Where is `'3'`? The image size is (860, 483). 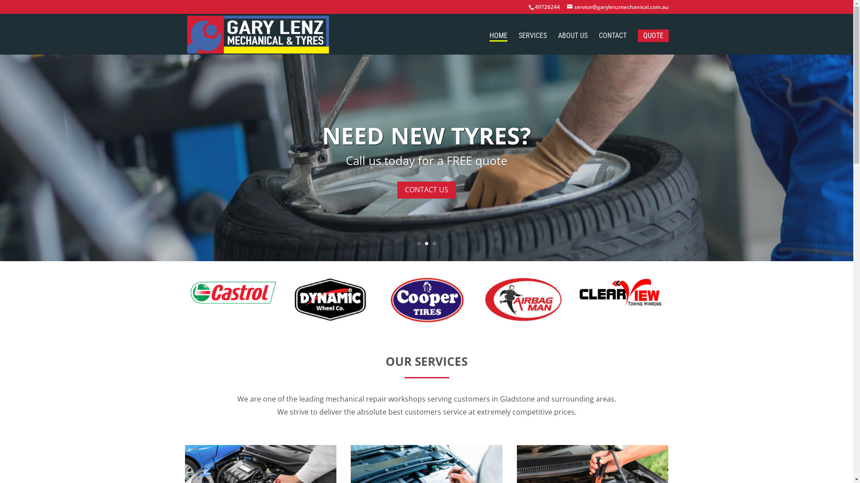 '3' is located at coordinates (434, 243).